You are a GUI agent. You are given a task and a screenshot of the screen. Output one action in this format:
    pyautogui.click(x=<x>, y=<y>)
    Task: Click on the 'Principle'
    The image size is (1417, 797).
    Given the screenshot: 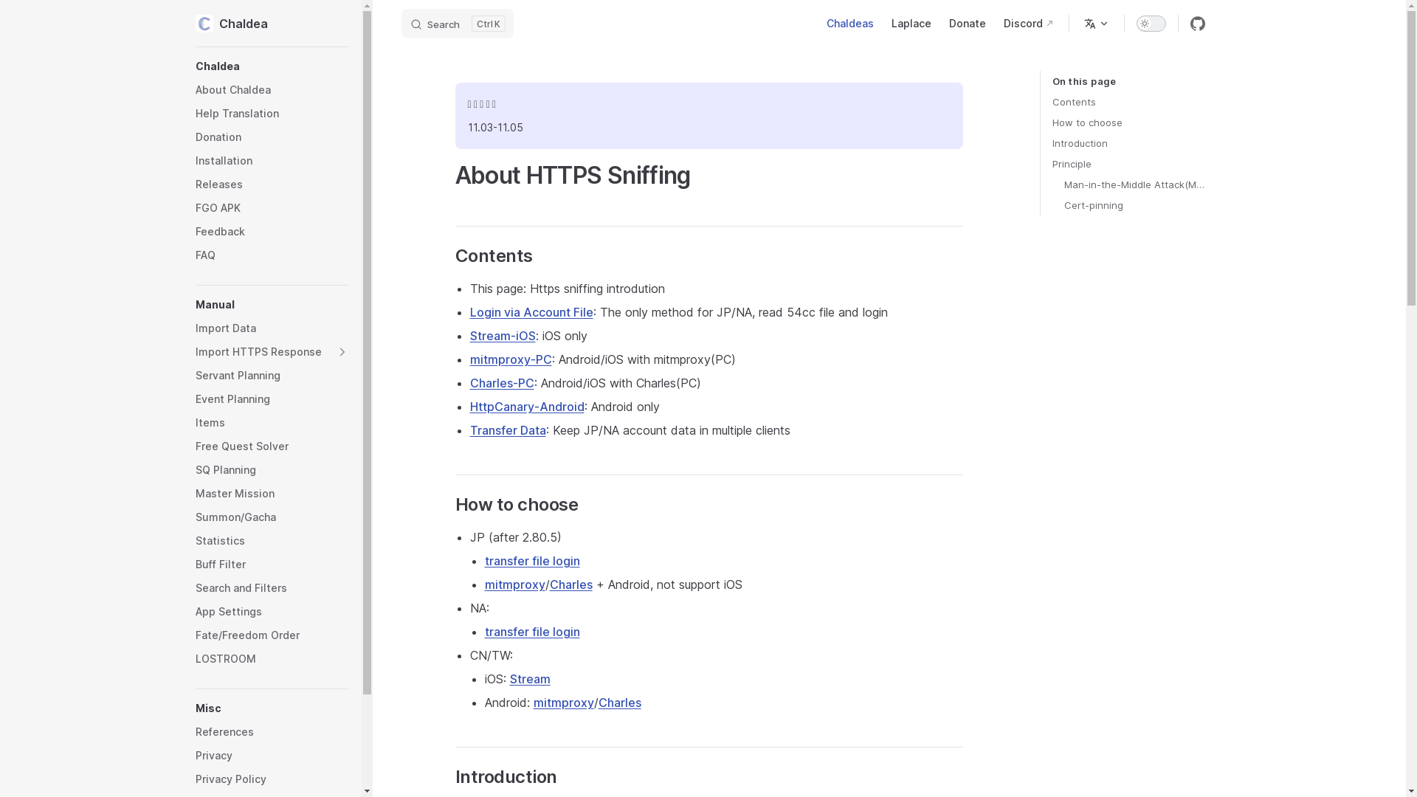 What is the action you would take?
    pyautogui.click(x=1128, y=164)
    